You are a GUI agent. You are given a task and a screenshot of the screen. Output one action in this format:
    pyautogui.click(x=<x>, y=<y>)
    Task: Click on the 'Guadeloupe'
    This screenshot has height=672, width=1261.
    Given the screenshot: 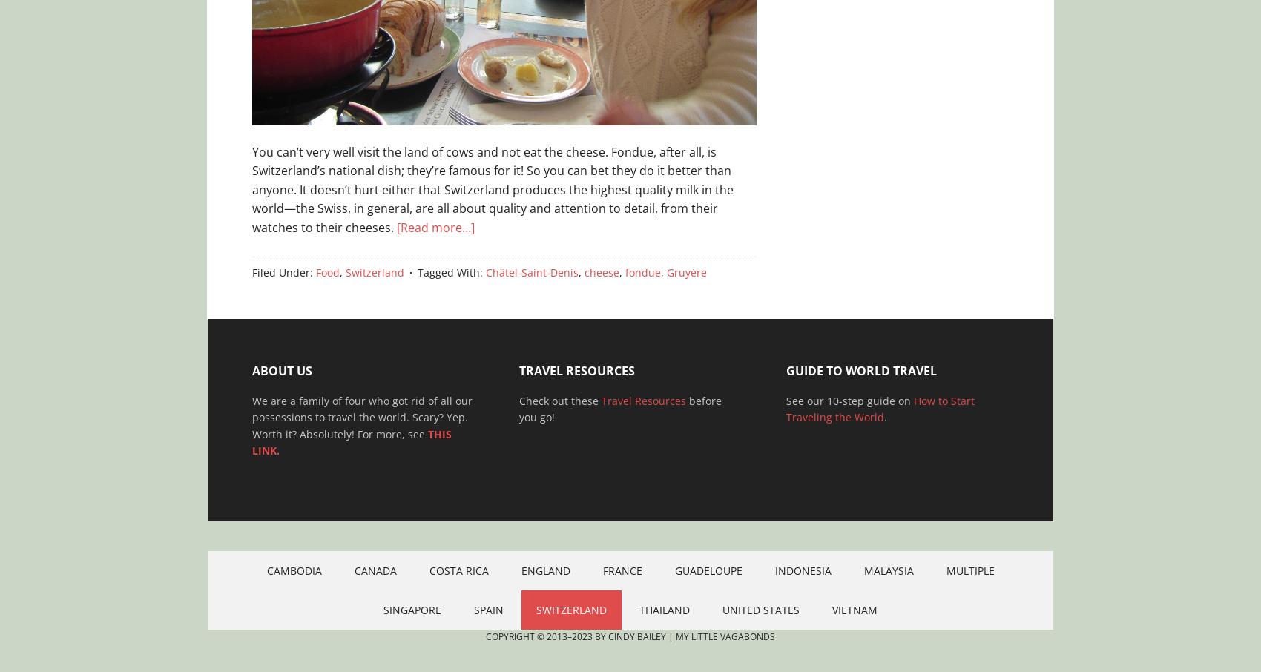 What is the action you would take?
    pyautogui.click(x=708, y=570)
    